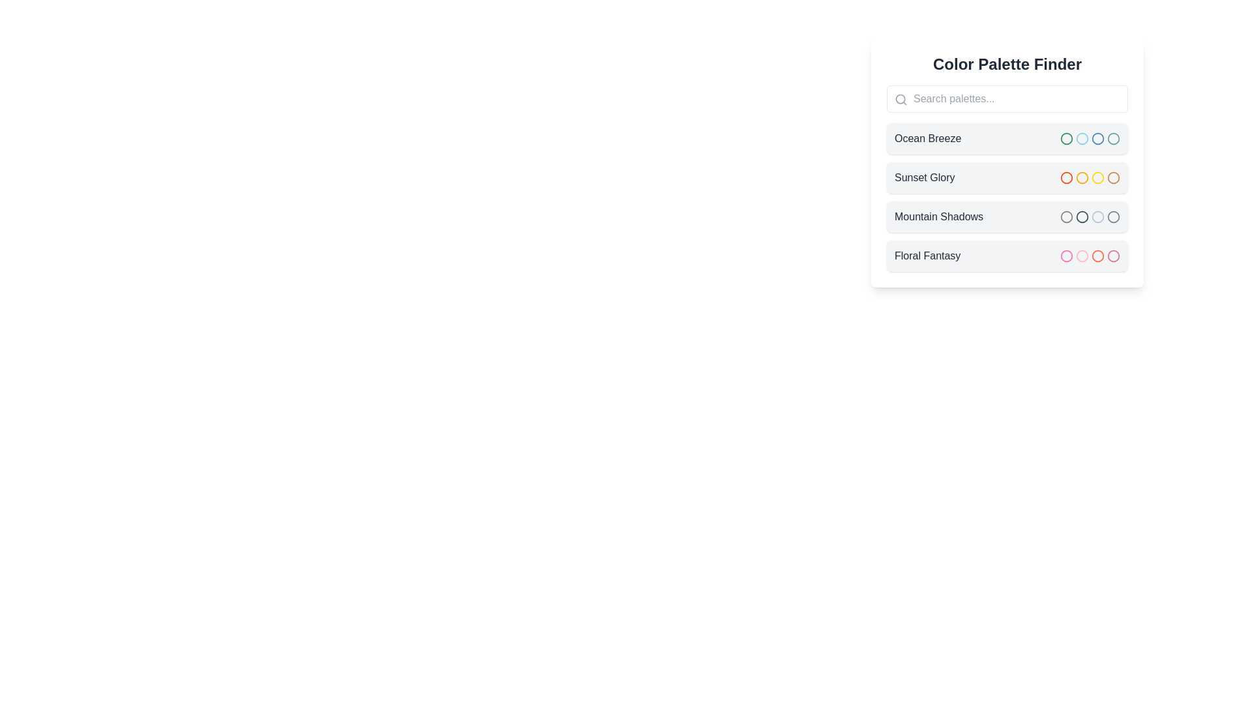 This screenshot has height=704, width=1252. Describe the element at coordinates (1082, 178) in the screenshot. I see `the second circle icon from left to right` at that location.